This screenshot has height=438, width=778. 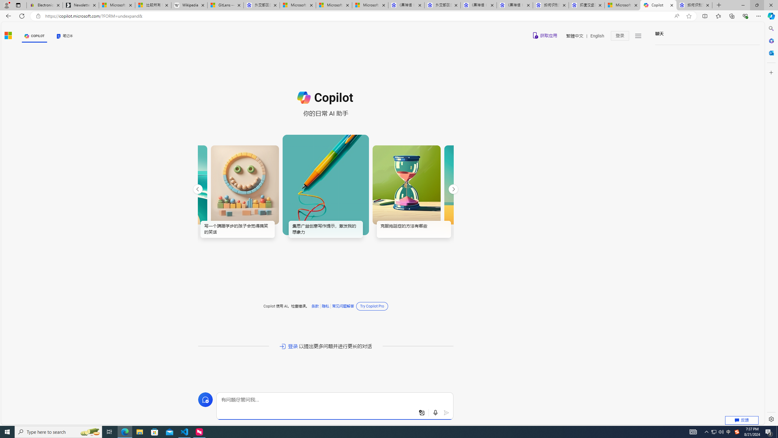 I want to click on 'COPILOT', so click(x=34, y=36).